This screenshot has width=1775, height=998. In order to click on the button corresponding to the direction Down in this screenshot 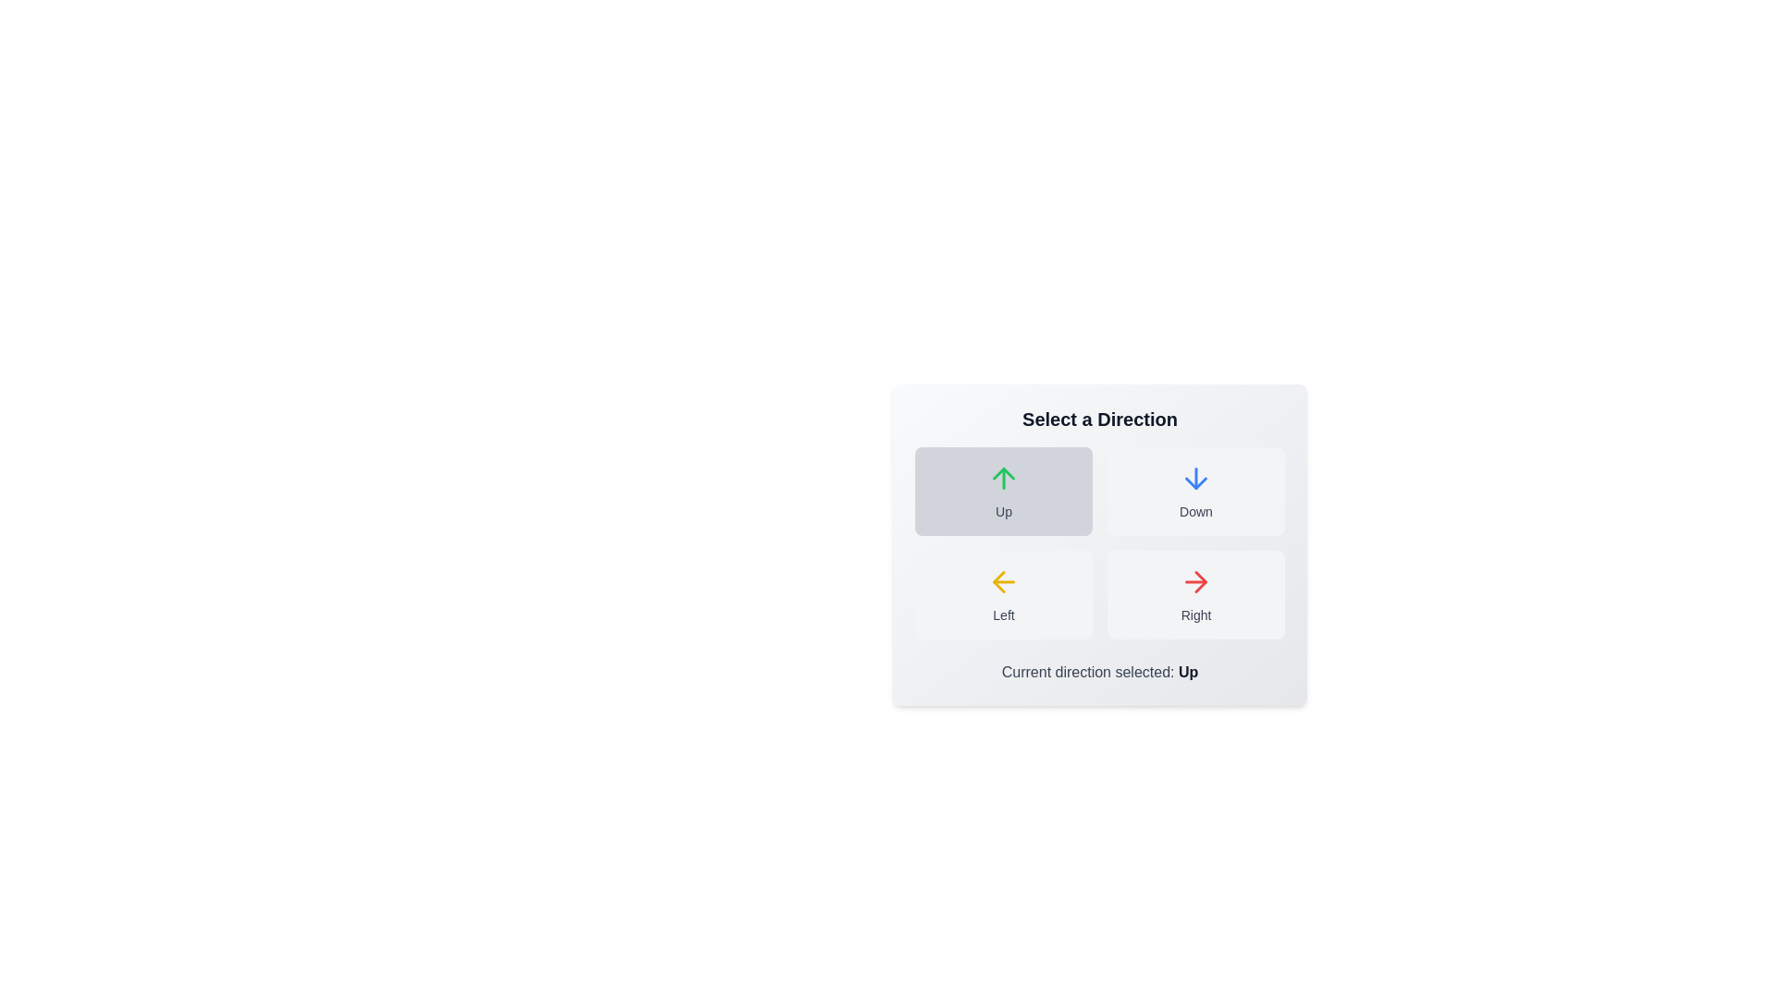, I will do `click(1196, 491)`.